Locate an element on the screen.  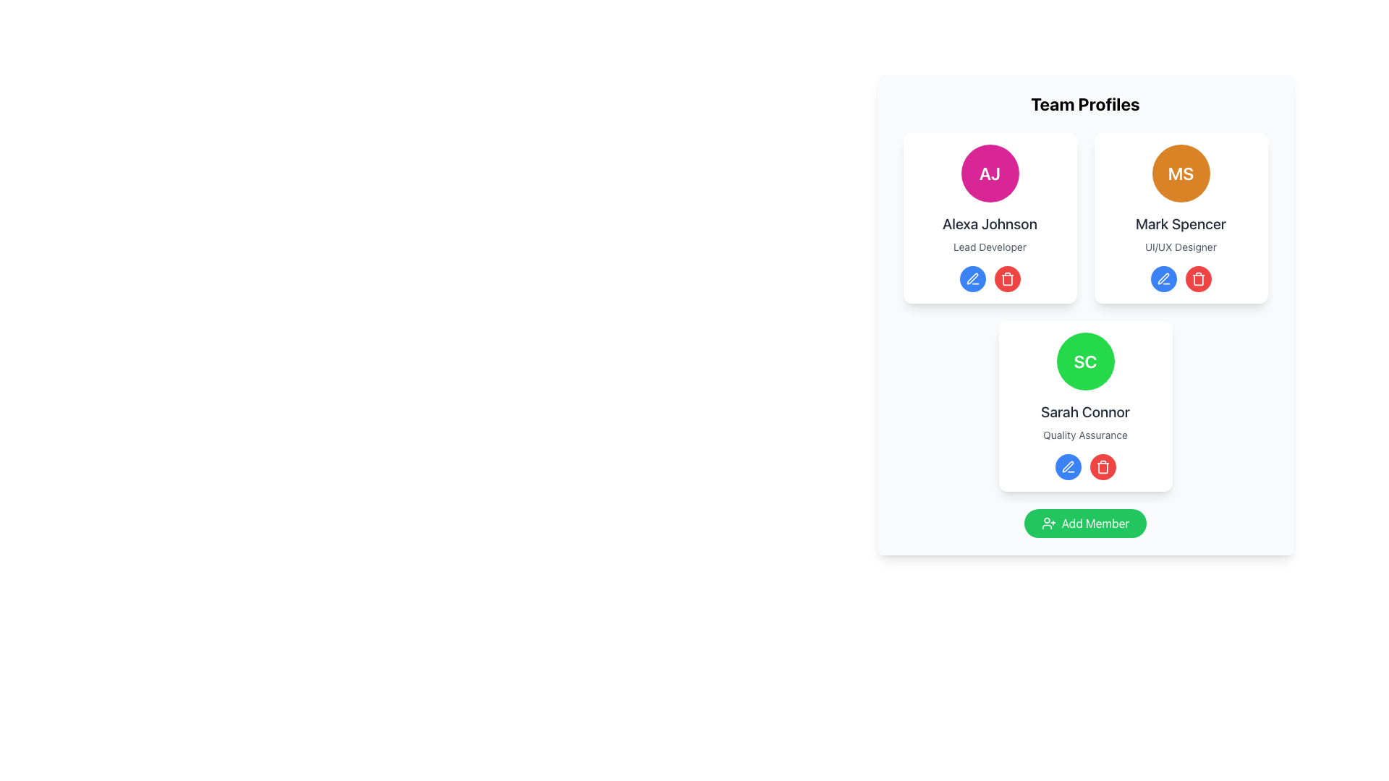
the rightmost Icon Button for deletion located under the 'Mark Spencer' profile to invoke the delete action is located at coordinates (1198, 278).